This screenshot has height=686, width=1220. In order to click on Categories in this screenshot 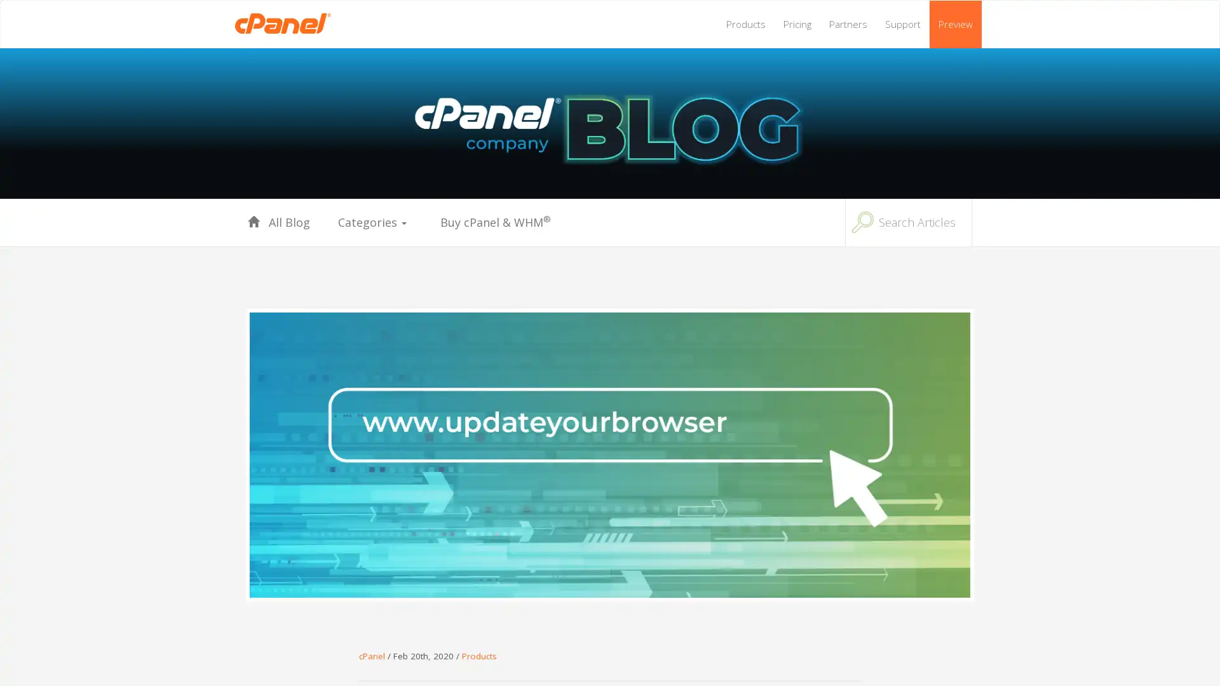, I will do `click(371, 221)`.